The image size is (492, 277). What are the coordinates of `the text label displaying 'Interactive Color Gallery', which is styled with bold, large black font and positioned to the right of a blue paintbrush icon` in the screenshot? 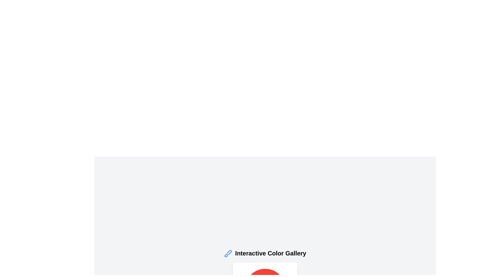 It's located at (265, 253).